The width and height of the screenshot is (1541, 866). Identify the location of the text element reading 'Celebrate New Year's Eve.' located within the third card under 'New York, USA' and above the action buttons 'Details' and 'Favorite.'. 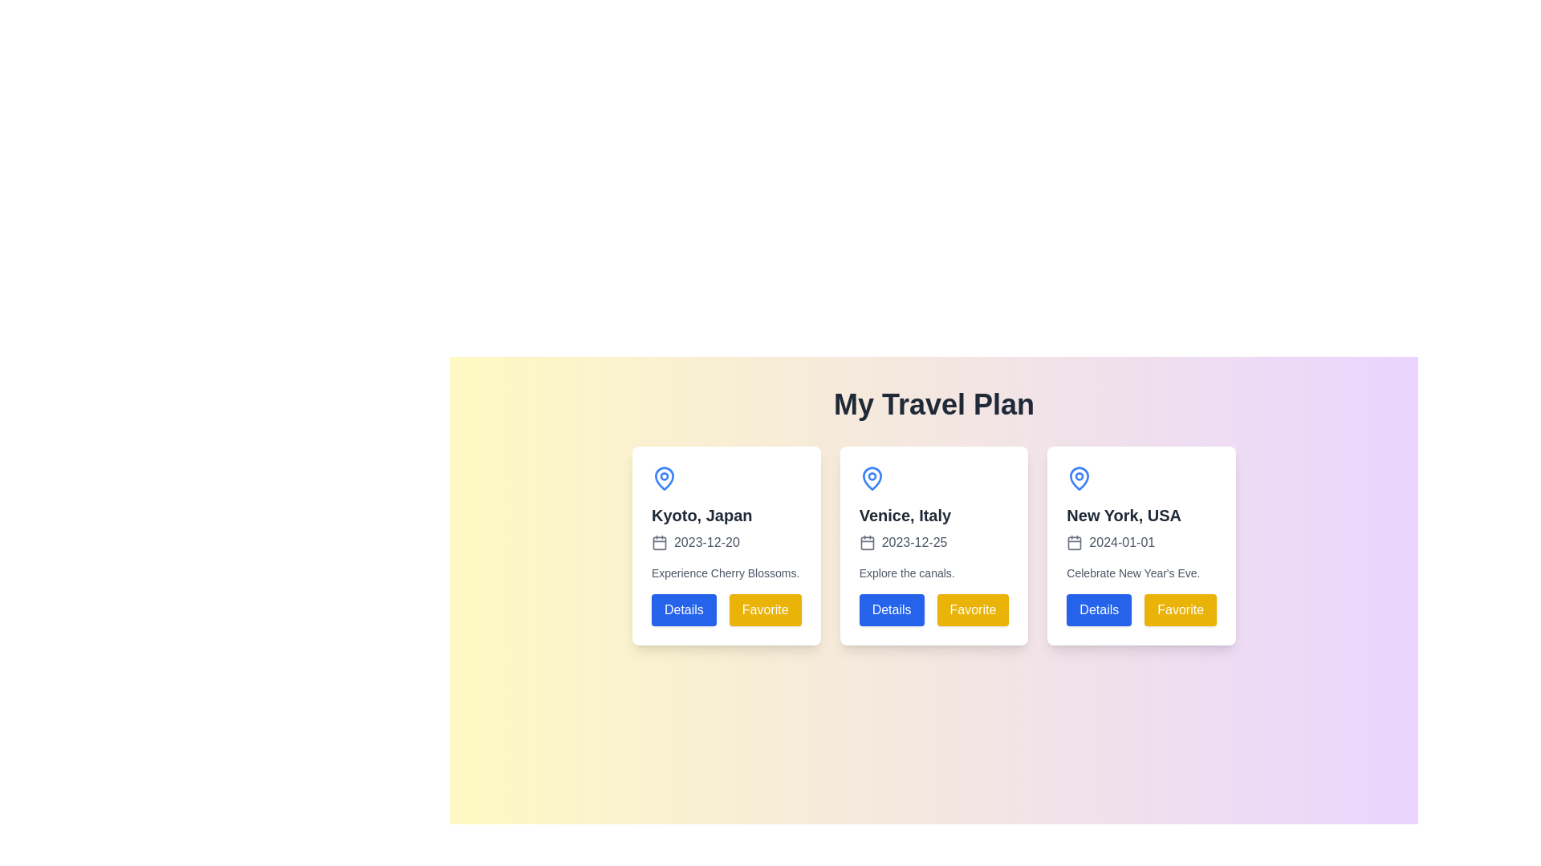
(1132, 572).